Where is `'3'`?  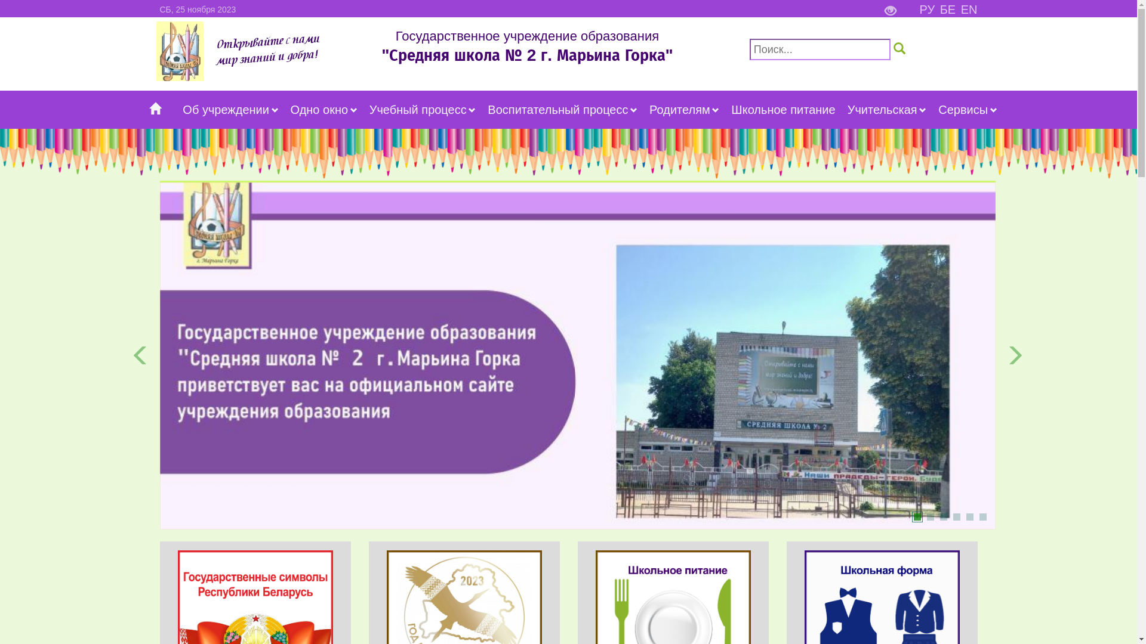 '3' is located at coordinates (942, 516).